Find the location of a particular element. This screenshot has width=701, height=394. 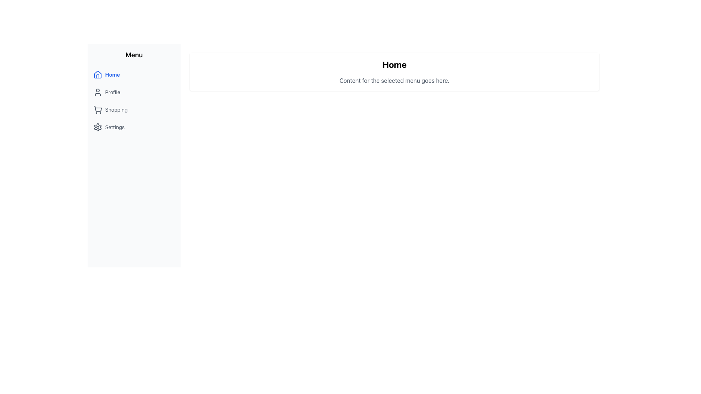

the 'Home' icon in the sidebar menu is located at coordinates (97, 74).